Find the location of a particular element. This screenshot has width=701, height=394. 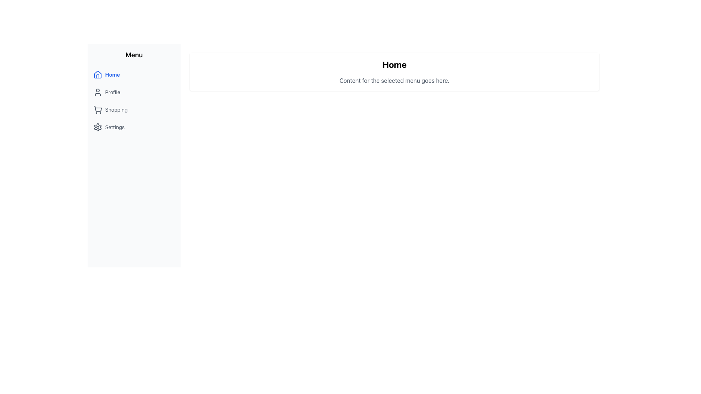

the 'Home' icon in the sidebar menu is located at coordinates (97, 74).